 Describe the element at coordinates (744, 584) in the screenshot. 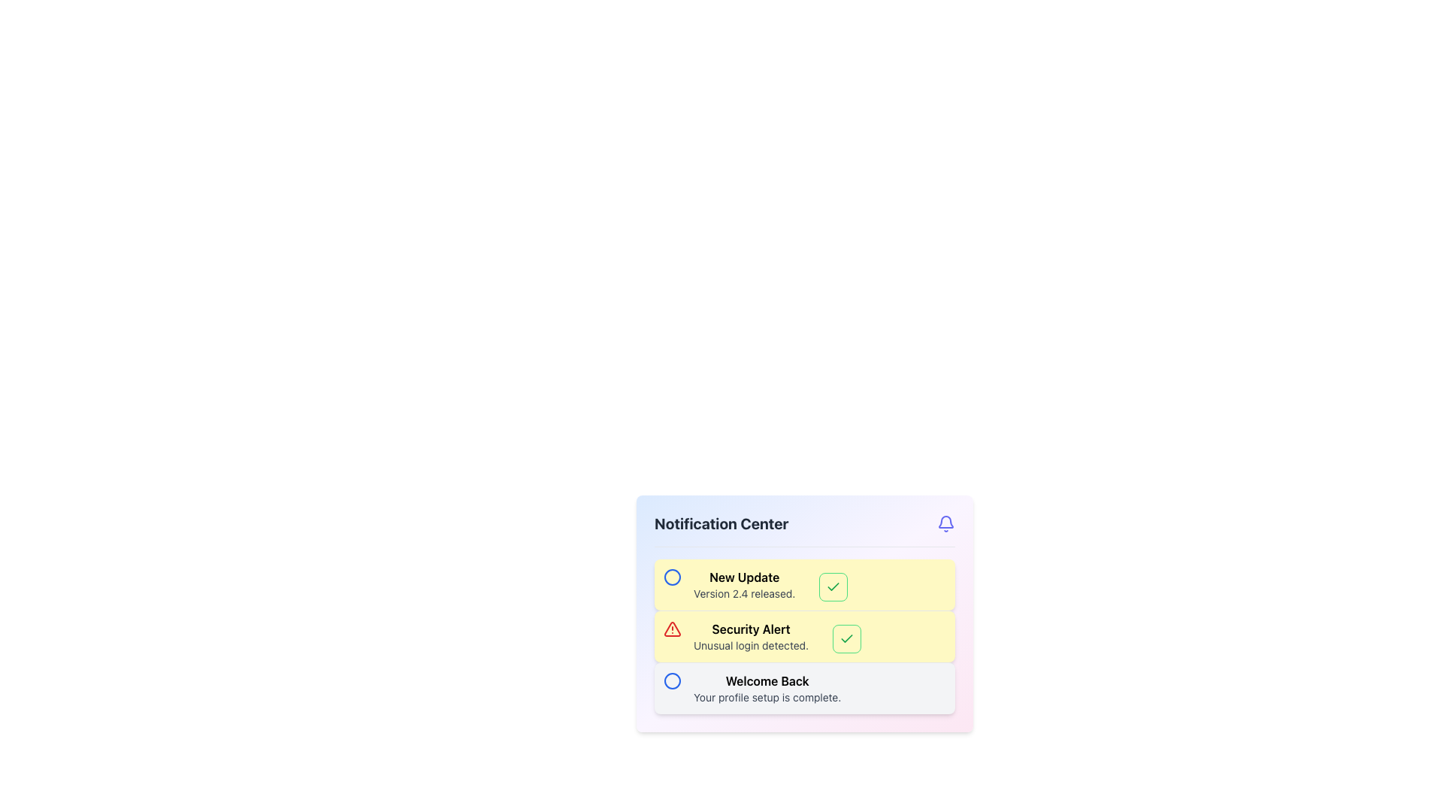

I see `the 'New Update' text label with a bold font style and the accompanying smaller gray text 'Version 2.4 released.' located on a yellow background card in the notification center interface` at that location.